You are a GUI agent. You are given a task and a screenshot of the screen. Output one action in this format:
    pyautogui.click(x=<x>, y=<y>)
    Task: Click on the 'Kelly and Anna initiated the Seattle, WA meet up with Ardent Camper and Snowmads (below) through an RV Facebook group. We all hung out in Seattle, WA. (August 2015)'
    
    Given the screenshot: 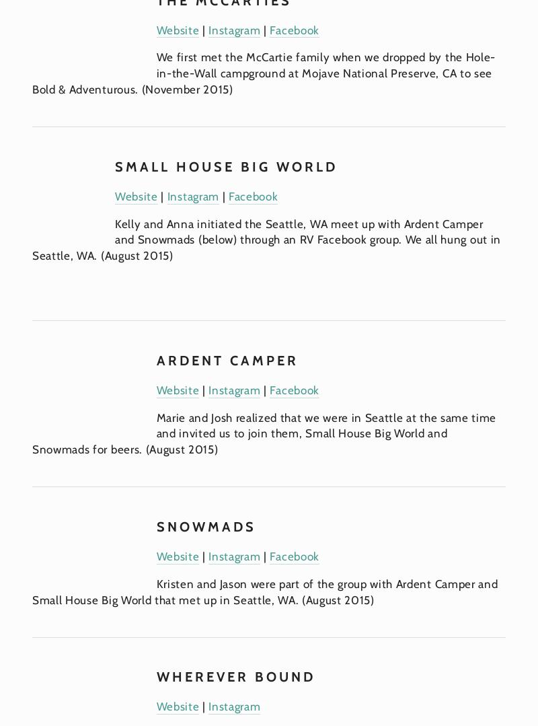 What is the action you would take?
    pyautogui.click(x=267, y=239)
    